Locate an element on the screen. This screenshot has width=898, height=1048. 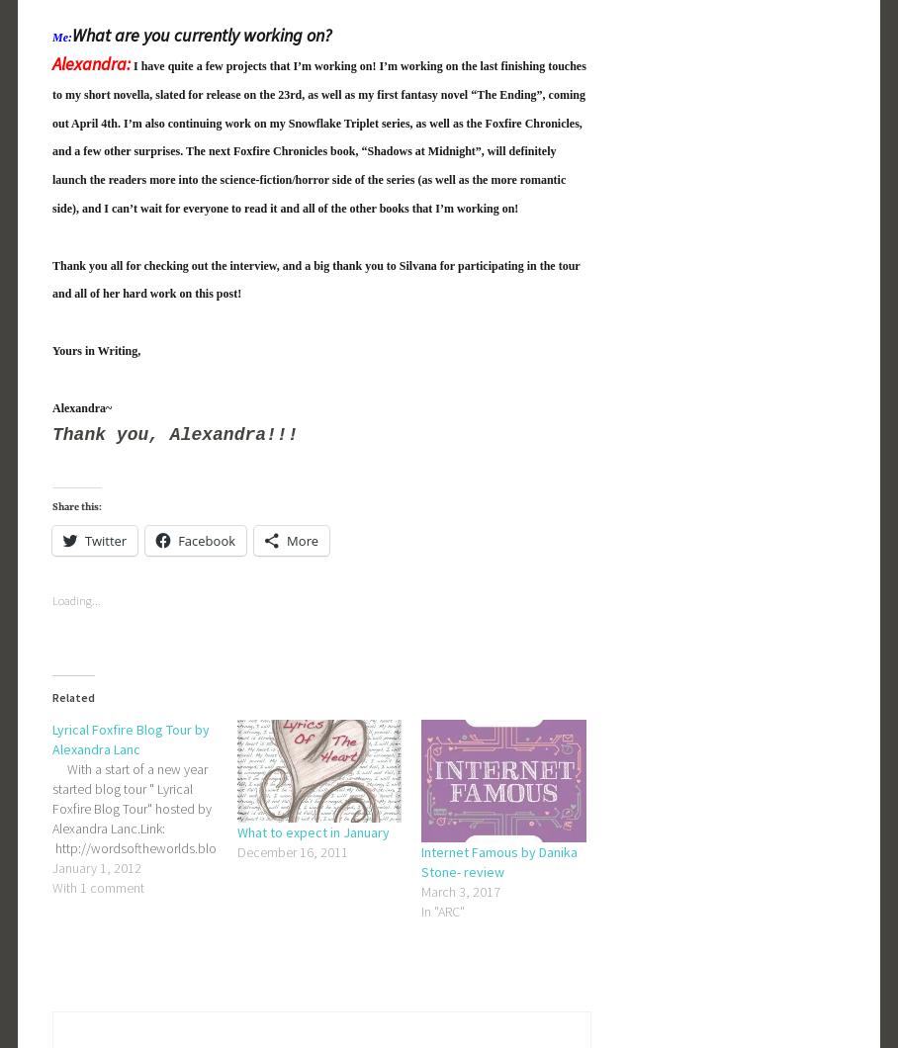
'Me:' is located at coordinates (62, 37).